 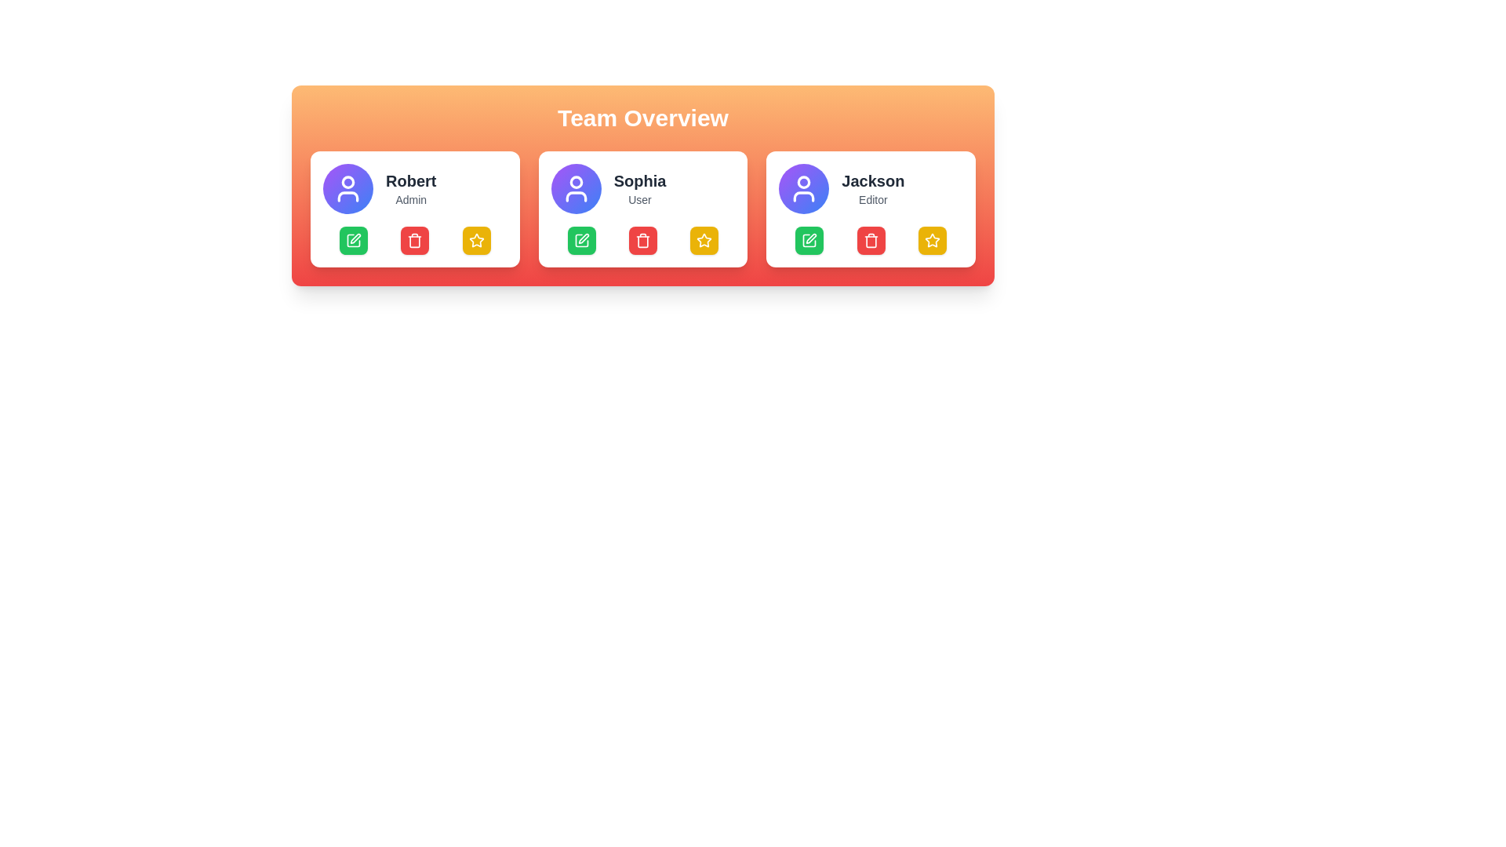 What do you see at coordinates (411, 180) in the screenshot?
I see `the text display element showing 'Robert', which is bold and larger, positioned centrally in the top section of the first card in the 'Team Overview' section` at bounding box center [411, 180].